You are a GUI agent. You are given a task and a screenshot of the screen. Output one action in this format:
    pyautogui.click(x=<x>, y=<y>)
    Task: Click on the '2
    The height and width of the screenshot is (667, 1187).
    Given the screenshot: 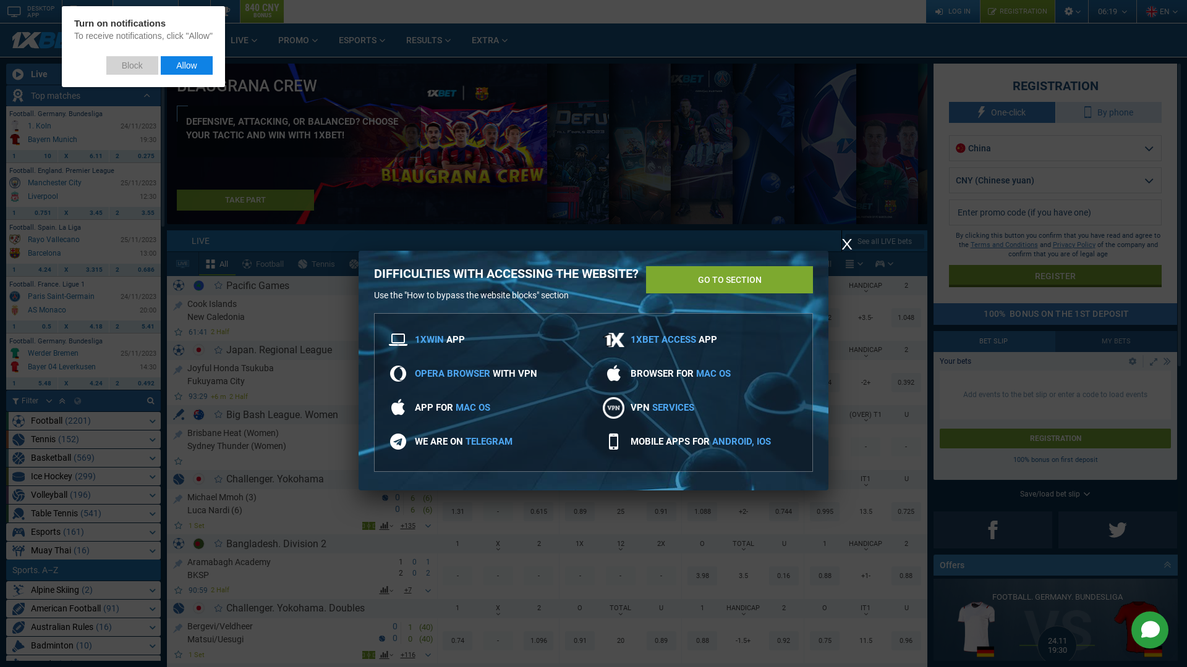 What is the action you would take?
    pyautogui.click(x=135, y=325)
    